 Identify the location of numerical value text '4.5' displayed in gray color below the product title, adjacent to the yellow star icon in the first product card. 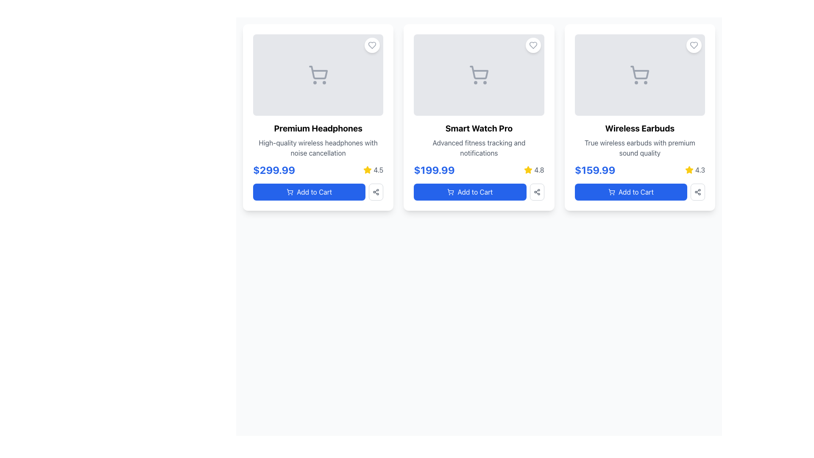
(378, 170).